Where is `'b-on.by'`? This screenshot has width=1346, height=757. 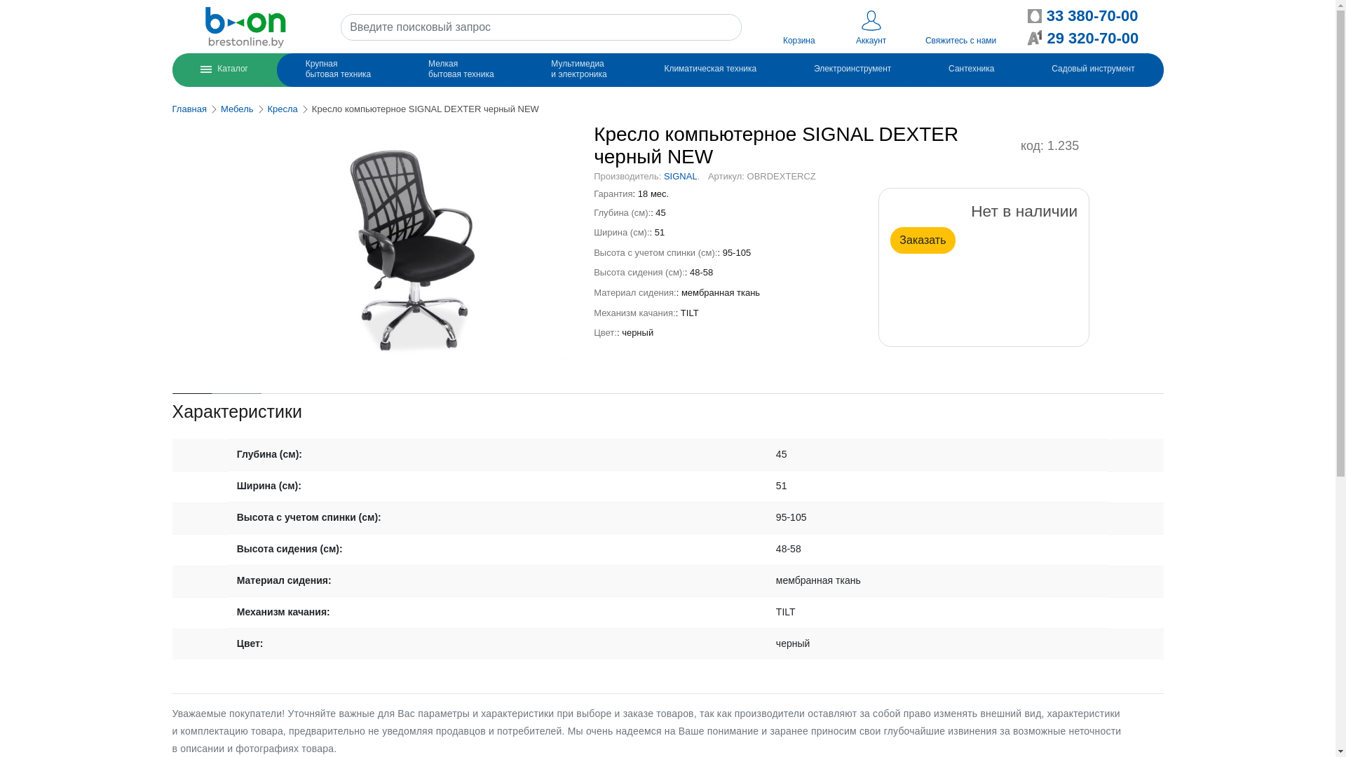
'b-on.by' is located at coordinates (245, 27).